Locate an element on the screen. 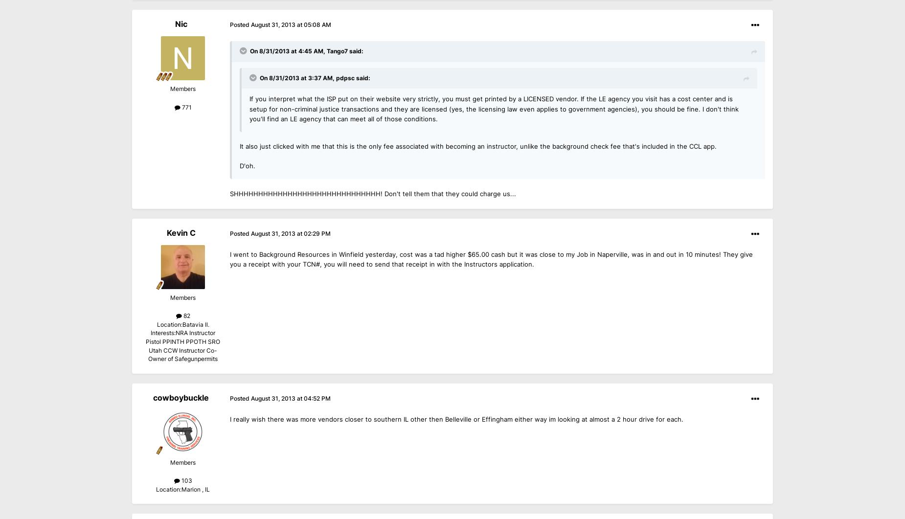  'August 31, 2013 at 05:08  AM' is located at coordinates (291, 25).